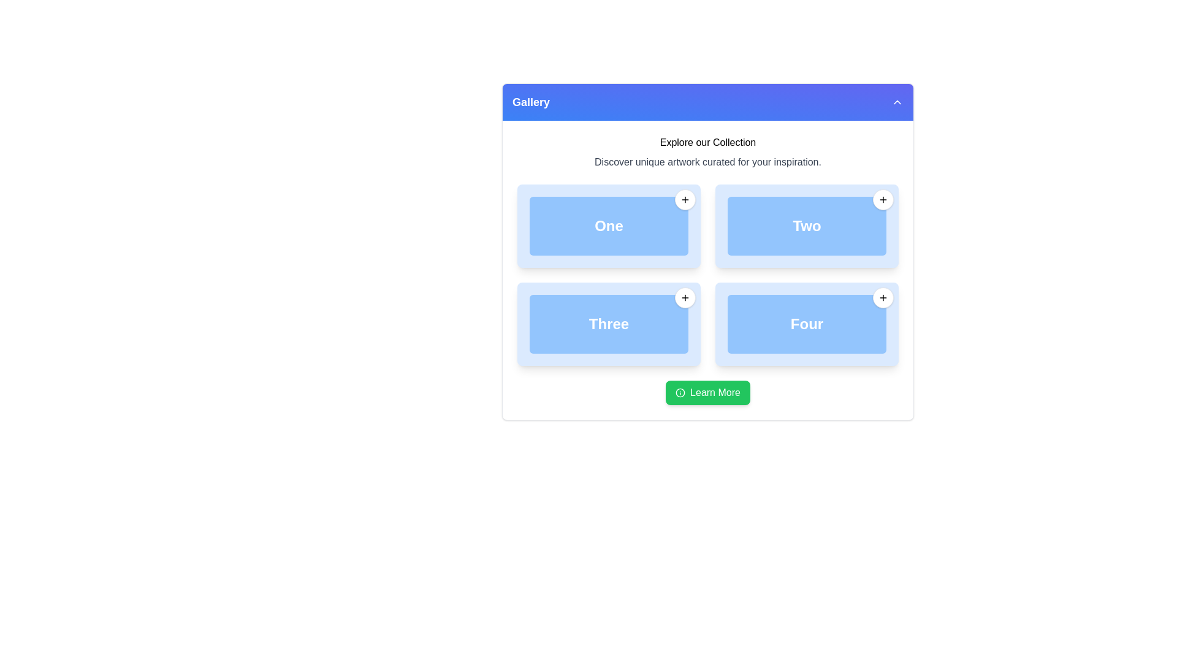 The width and height of the screenshot is (1177, 662). I want to click on the circular button with a black plus icon located at the top-right corner of the card labeled 'Two', so click(883, 199).